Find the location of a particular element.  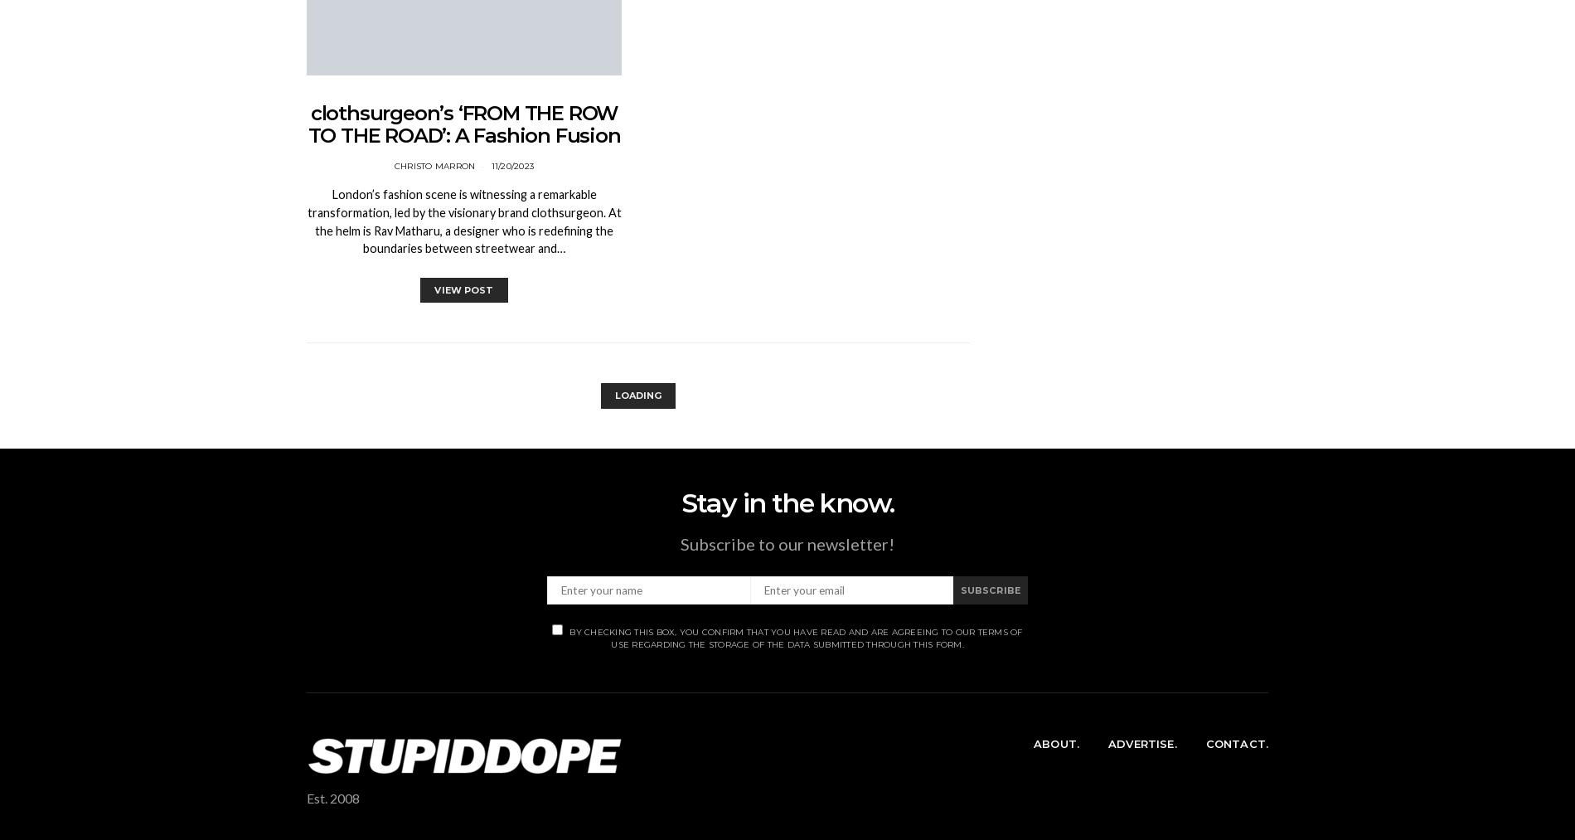

'View Post' is located at coordinates (463, 289).